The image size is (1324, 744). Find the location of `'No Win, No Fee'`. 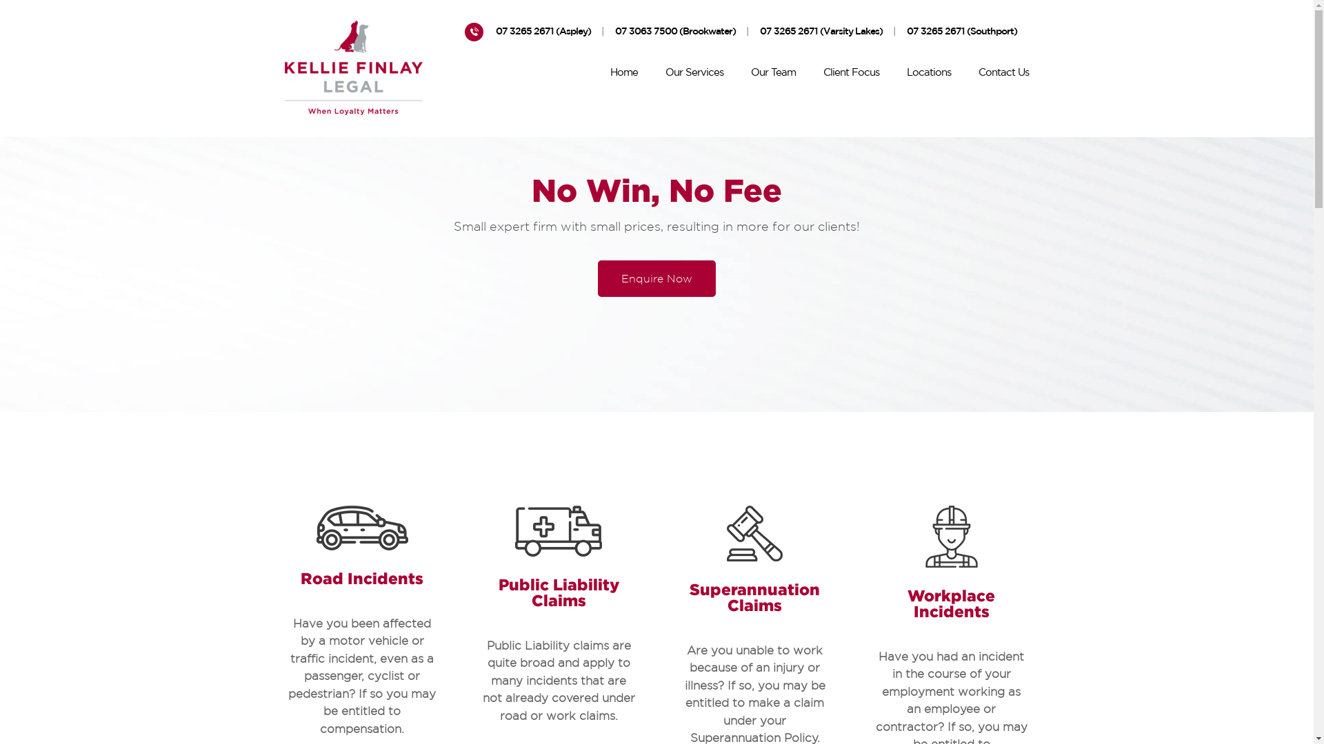

'No Win, No Fee' is located at coordinates (656, 190).